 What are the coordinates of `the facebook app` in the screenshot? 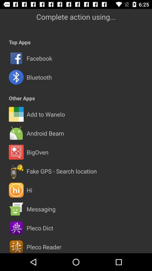 It's located at (39, 58).